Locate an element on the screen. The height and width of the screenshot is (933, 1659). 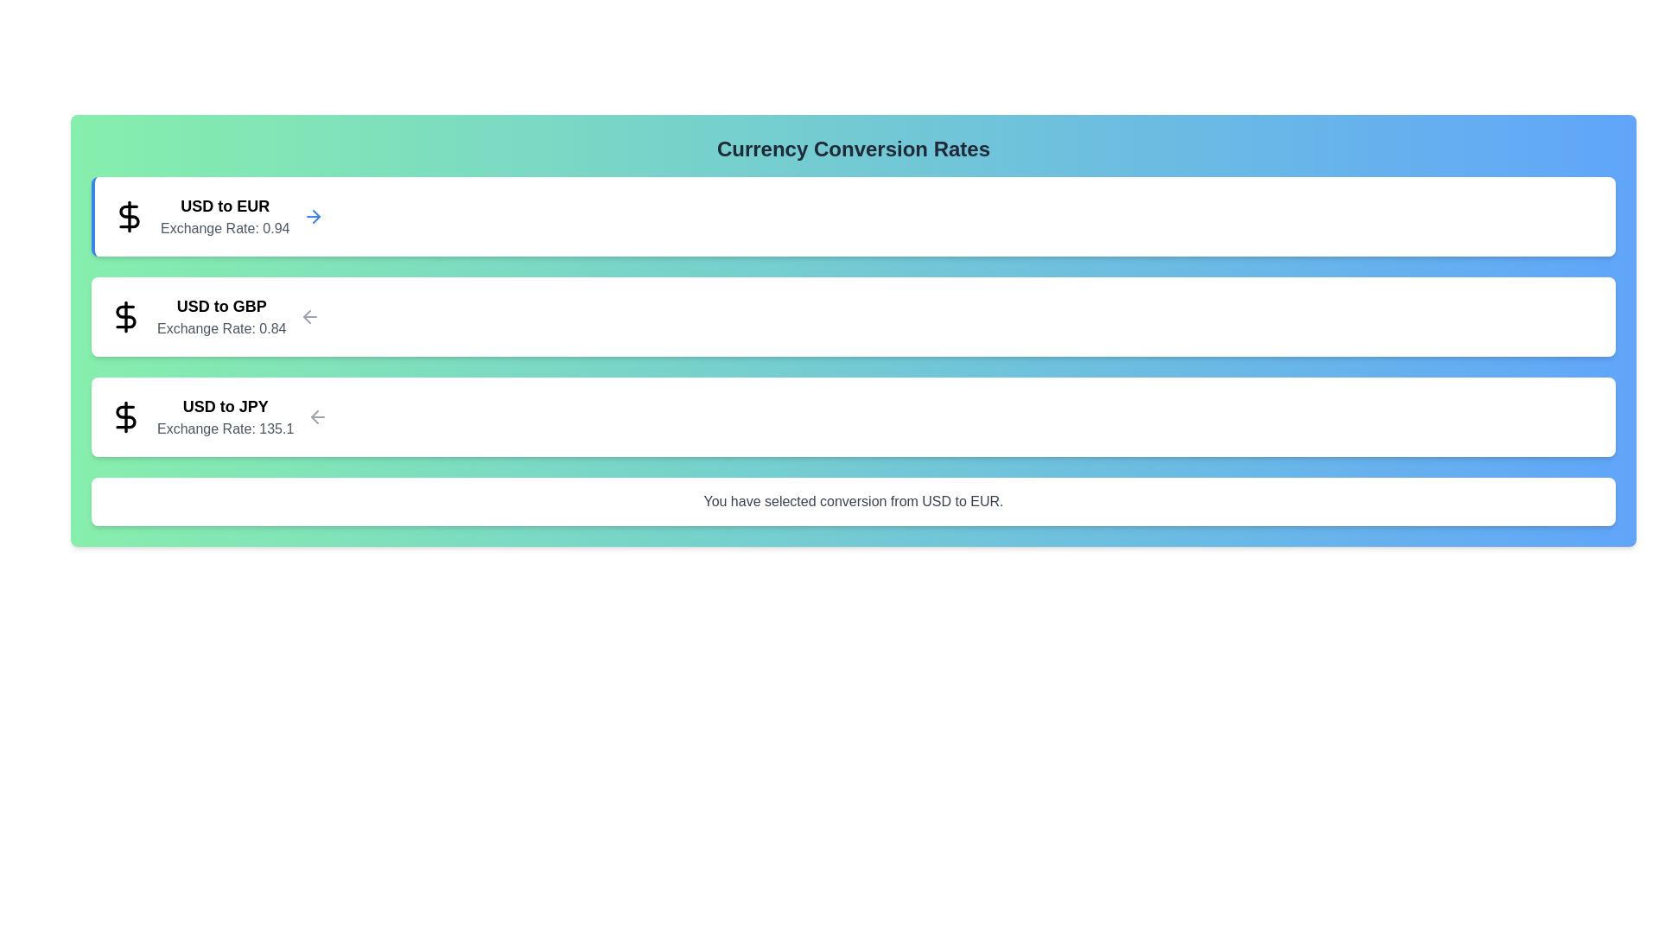
text from the Text Label that displays 'Currency Conversion Rates', which is styled with a large, bold font and located at the top of the section with a green to blue gradient background is located at coordinates (854, 149).